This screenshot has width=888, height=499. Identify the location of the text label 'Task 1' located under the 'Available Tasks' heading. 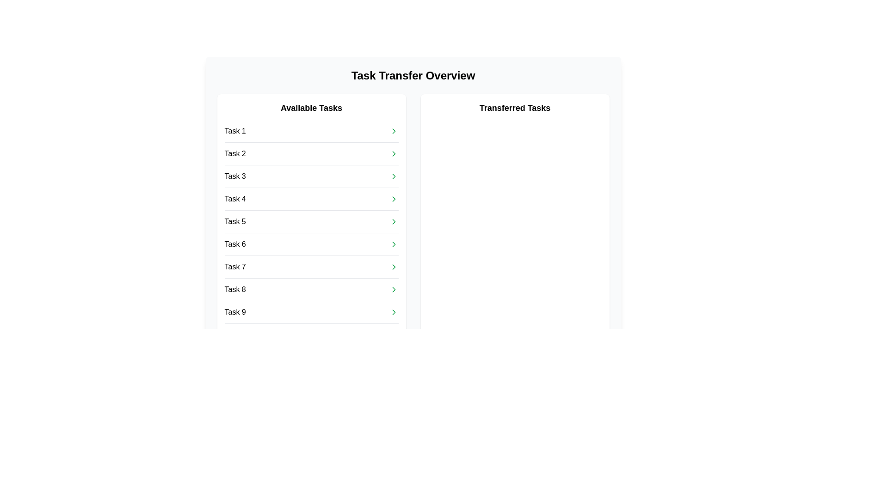
(235, 131).